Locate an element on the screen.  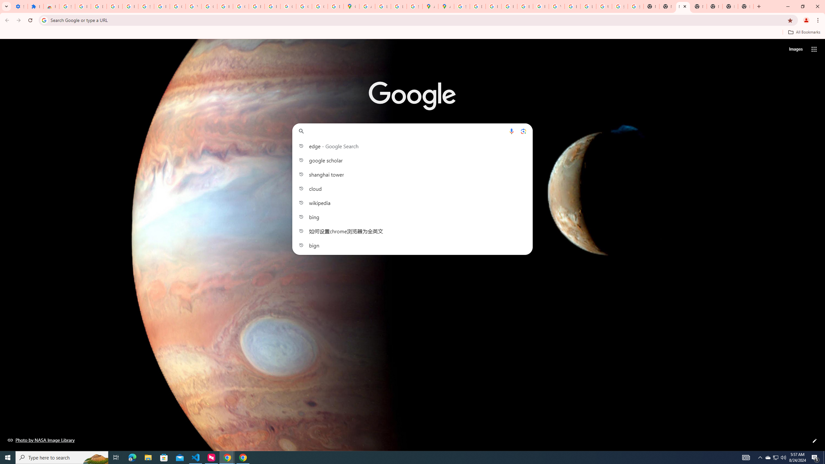
'Photo by NASA Image Library' is located at coordinates (41, 440).